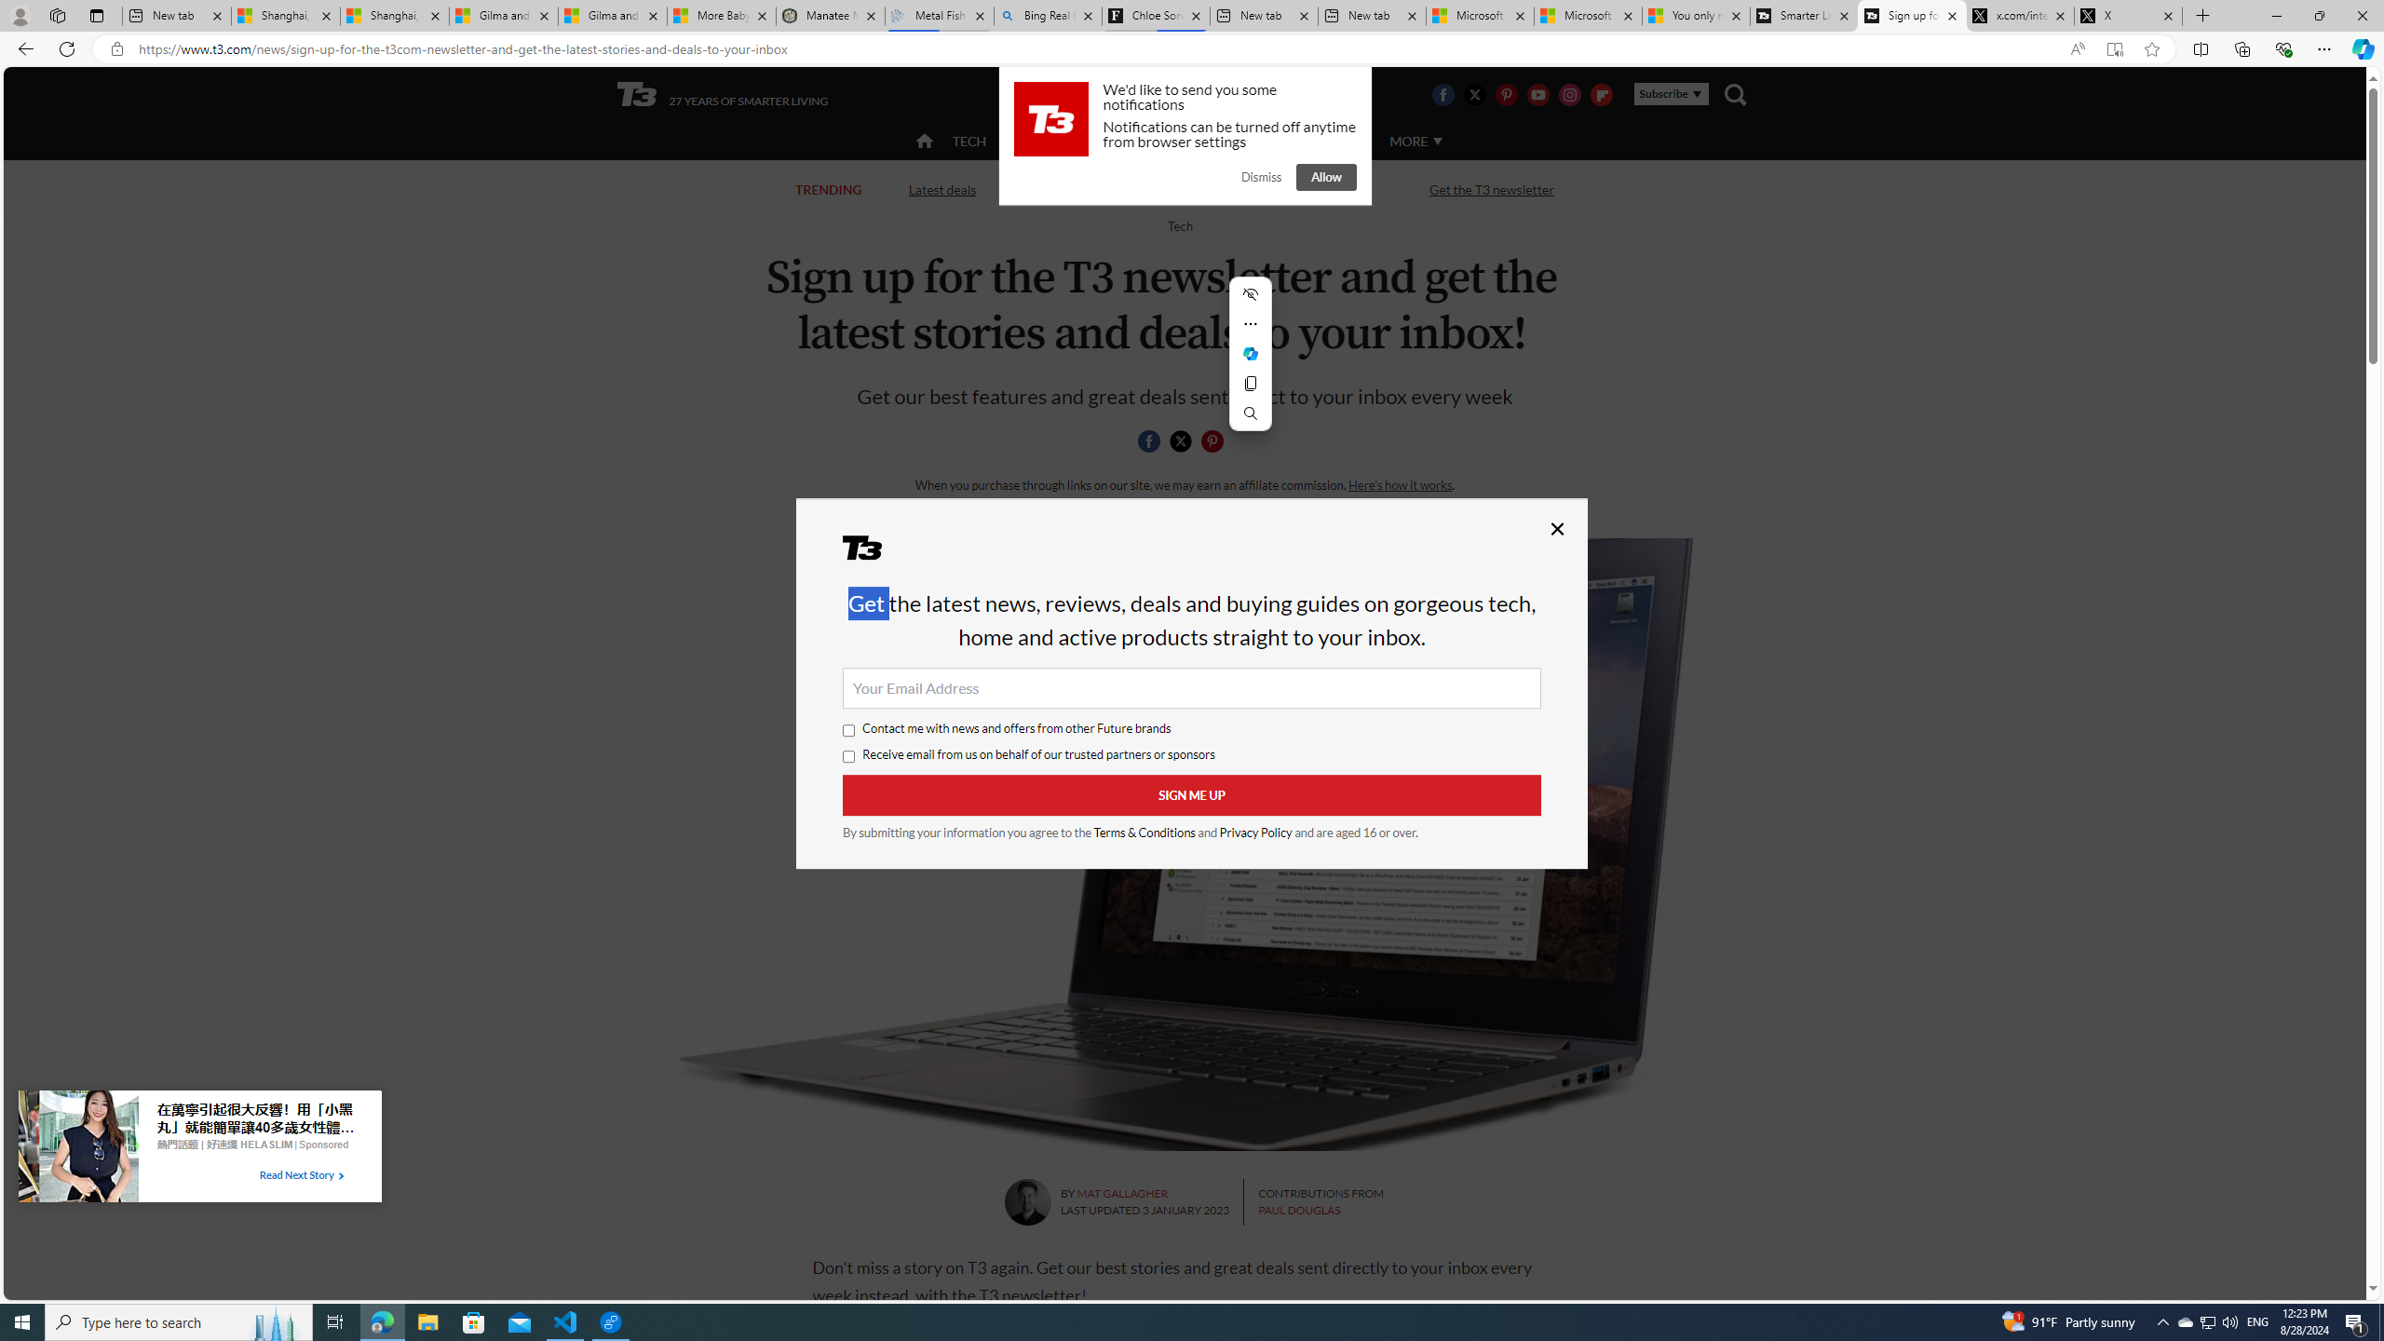  Describe the element at coordinates (341, 1174) in the screenshot. I see `'Class: tbl-arrow-icon arrow-1'` at that location.